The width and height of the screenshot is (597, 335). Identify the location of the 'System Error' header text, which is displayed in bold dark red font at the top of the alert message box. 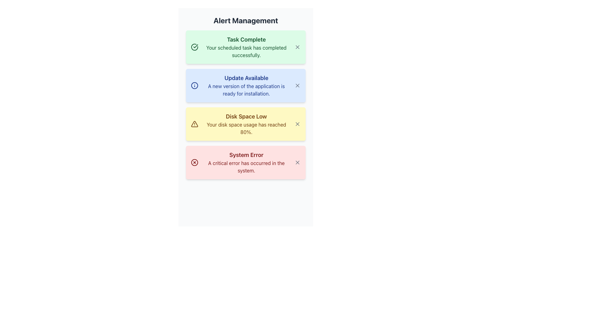
(246, 155).